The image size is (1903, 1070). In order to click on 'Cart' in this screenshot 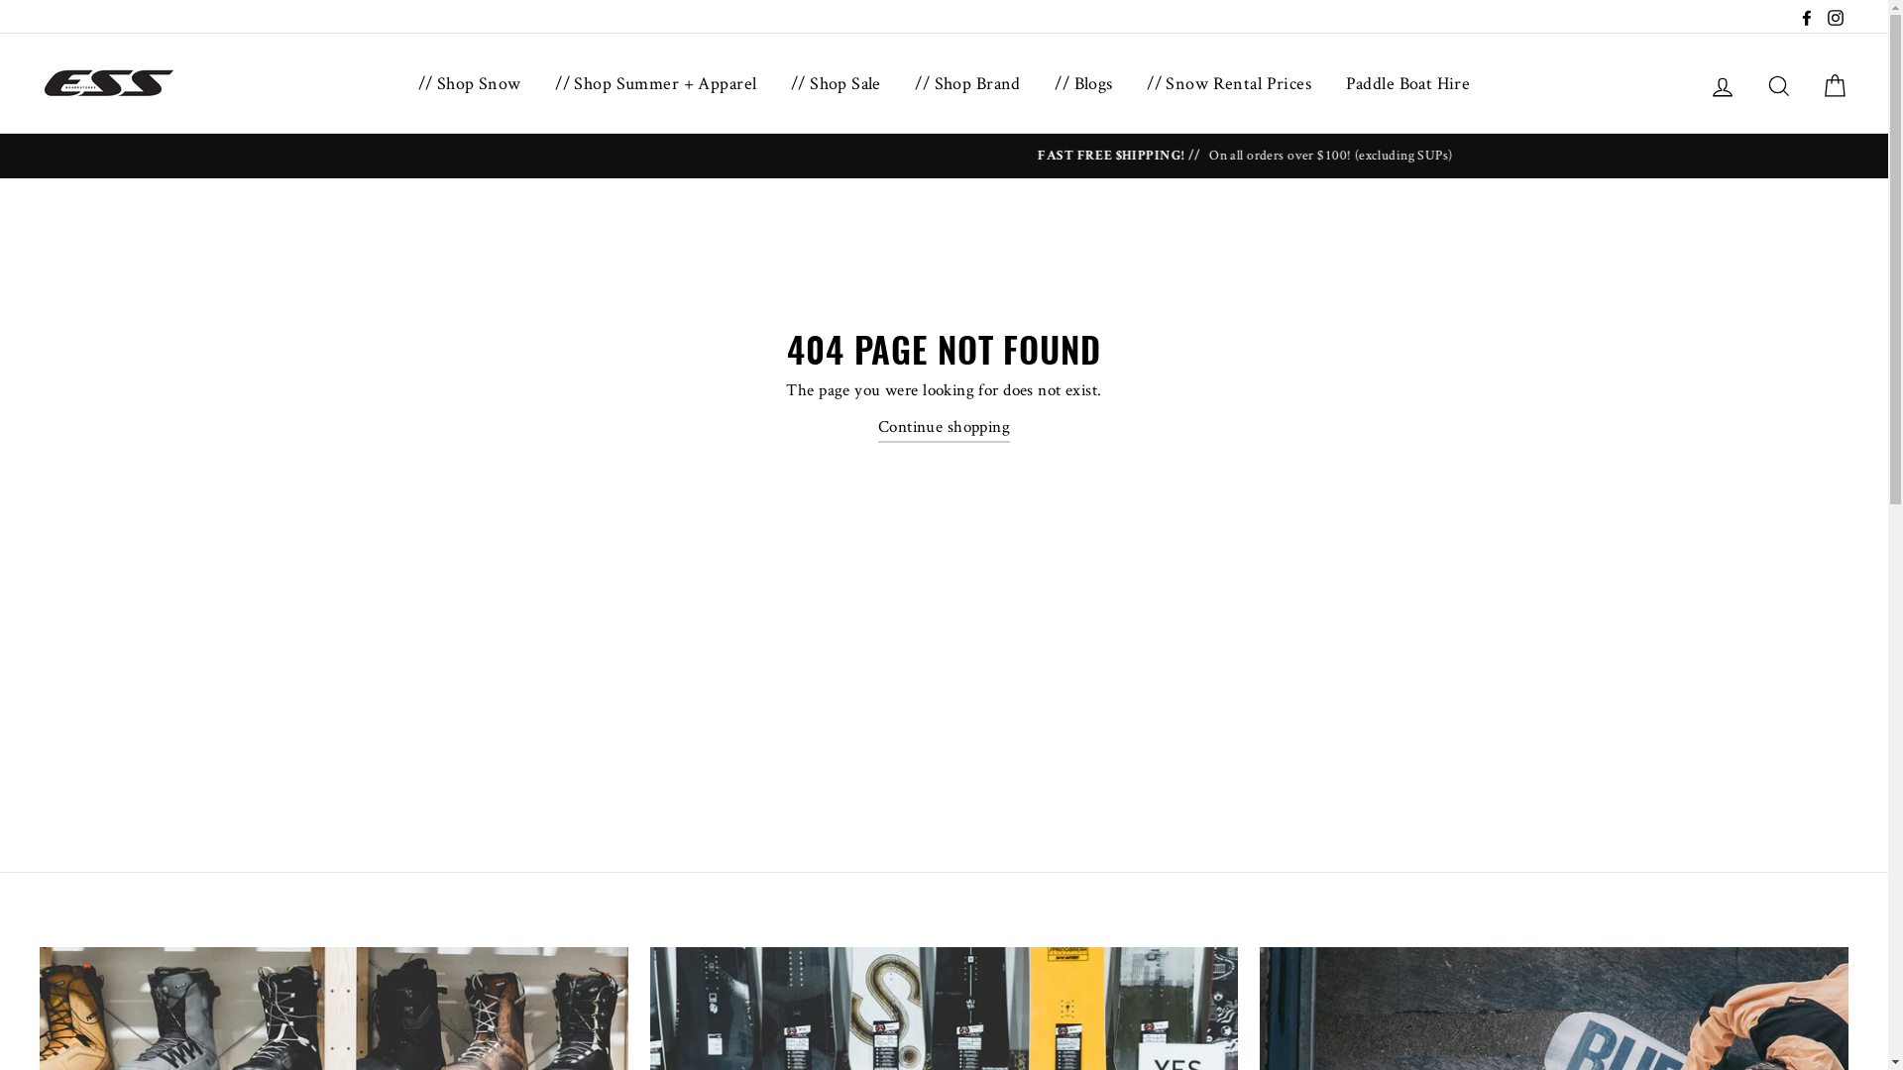, I will do `click(1834, 82)`.